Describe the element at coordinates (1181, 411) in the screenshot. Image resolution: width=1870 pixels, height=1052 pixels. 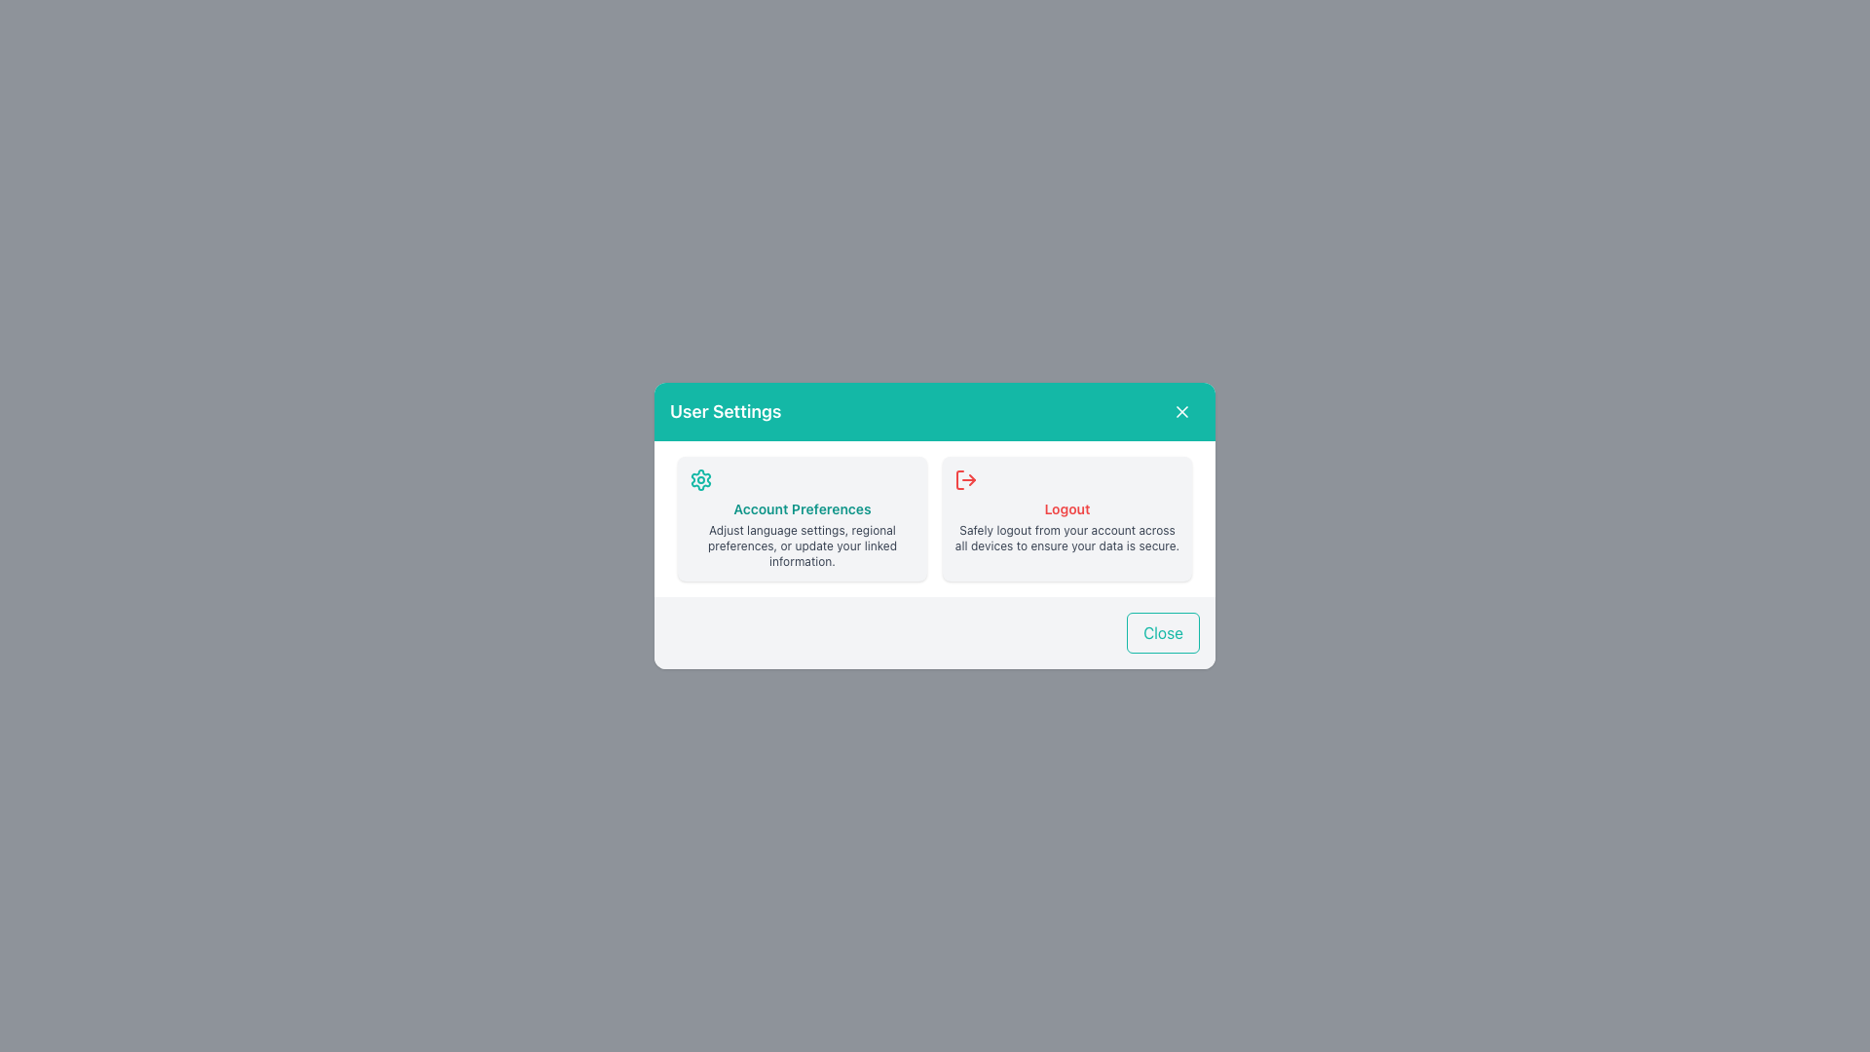
I see `the 'X' shaped SVG icon in the top-right corner of the 'User Settings' dialog box` at that location.